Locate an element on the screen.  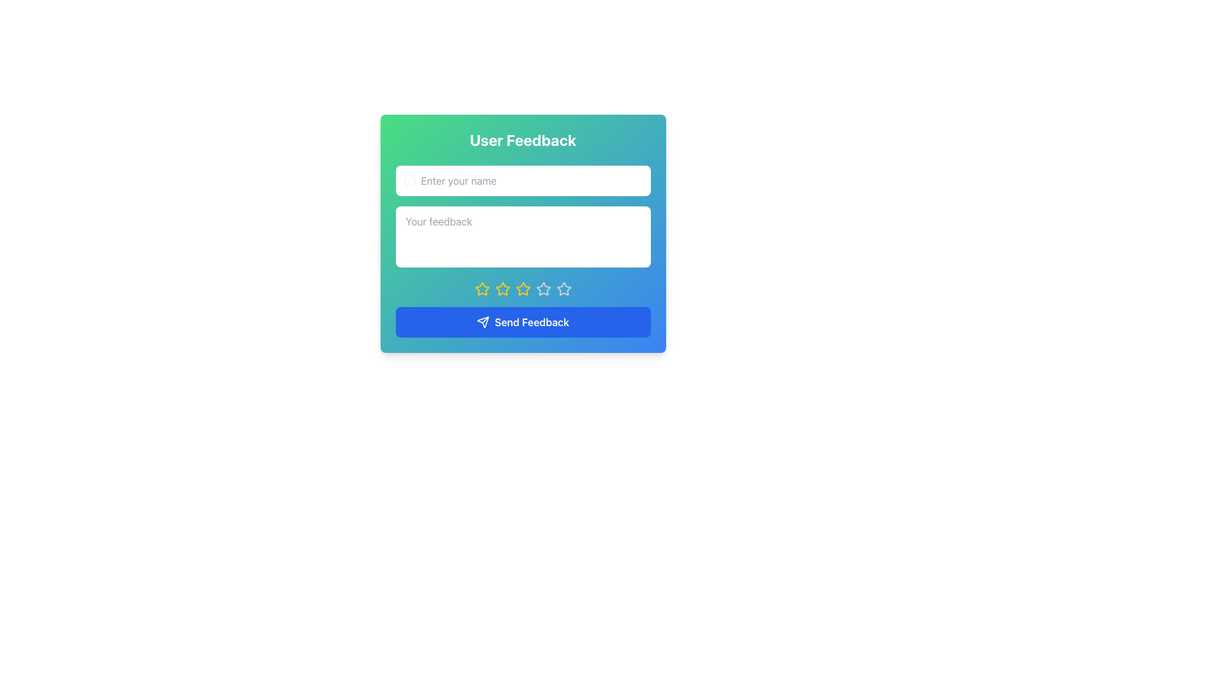
the first star in the horizontal arrangement of five rating stars to give a one-star rating is located at coordinates (481, 289).